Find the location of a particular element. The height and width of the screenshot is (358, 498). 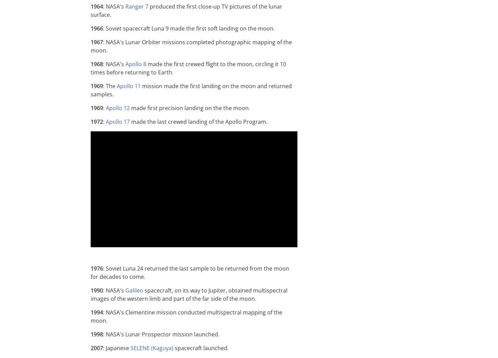

'mission made the first landing on the moon and returned samples.' is located at coordinates (191, 89).